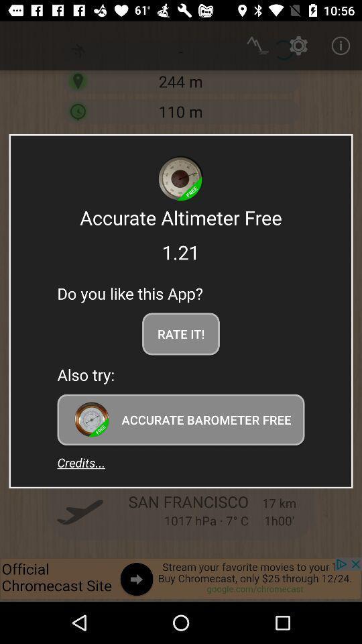 This screenshot has height=644, width=362. What do you see at coordinates (181, 333) in the screenshot?
I see `the item above accurate barometer free` at bounding box center [181, 333].